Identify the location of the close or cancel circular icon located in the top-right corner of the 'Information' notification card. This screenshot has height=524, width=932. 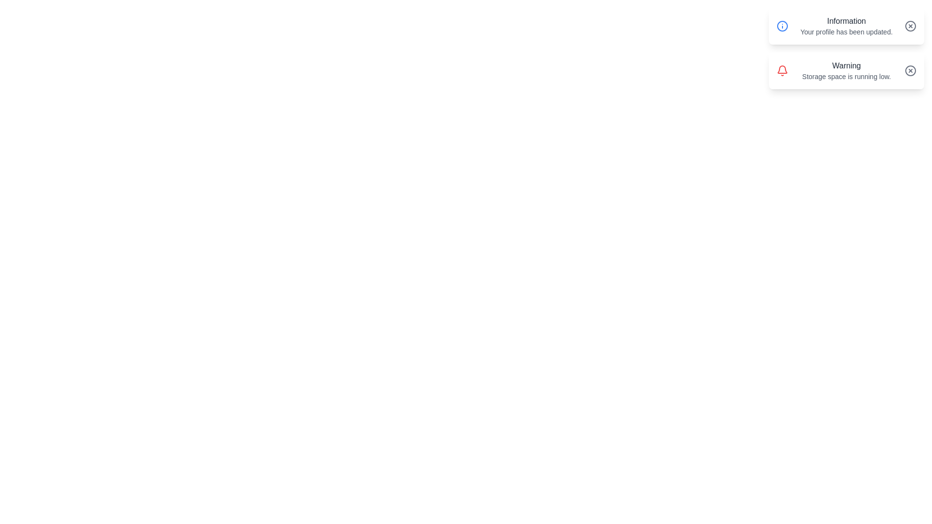
(910, 26).